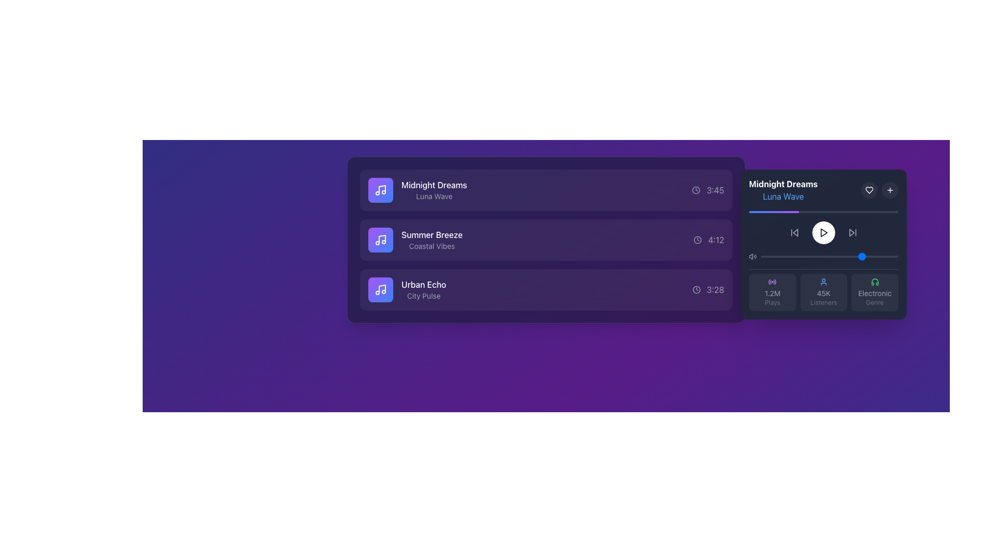 This screenshot has height=560, width=996. I want to click on to select the first media item in the list, which includes text and an icon, located in a media player interface, so click(418, 190).